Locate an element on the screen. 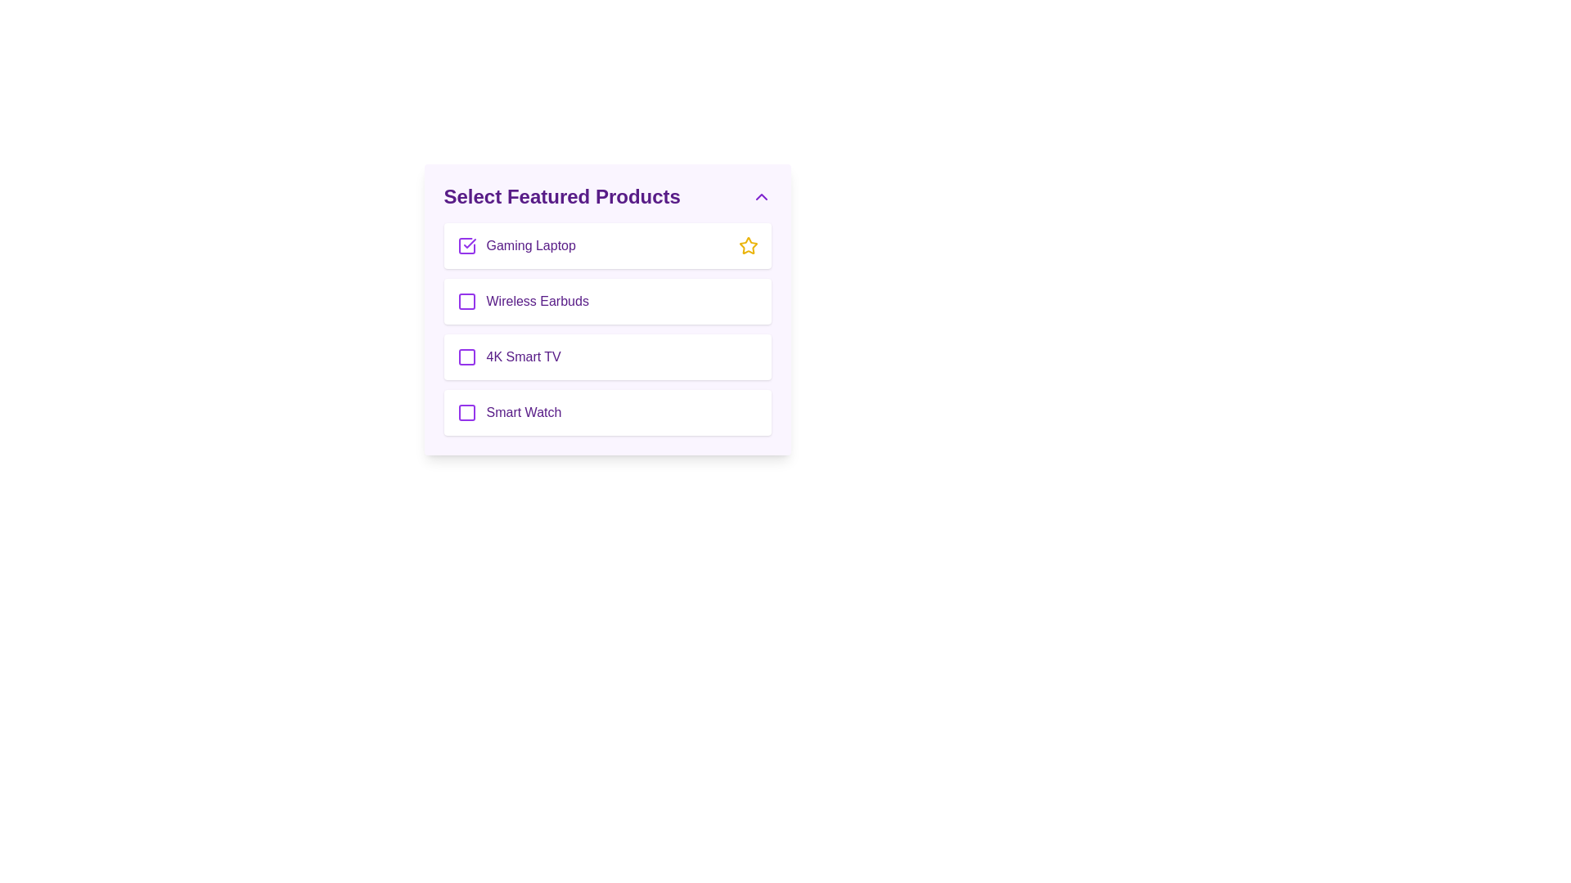 This screenshot has width=1571, height=883. the selection checkbox for the 'Wireless Earbuds' item, which is located to the left of the associated text in the second row of options is located at coordinates (466, 302).